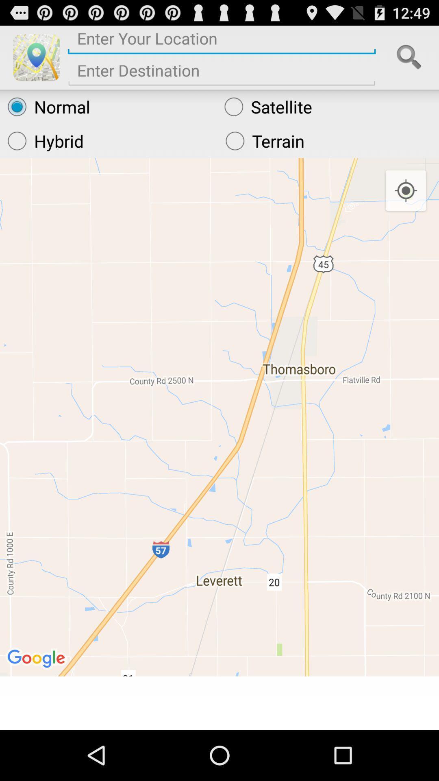 Image resolution: width=439 pixels, height=781 pixels. Describe the element at coordinates (409, 57) in the screenshot. I see `search icon` at that location.